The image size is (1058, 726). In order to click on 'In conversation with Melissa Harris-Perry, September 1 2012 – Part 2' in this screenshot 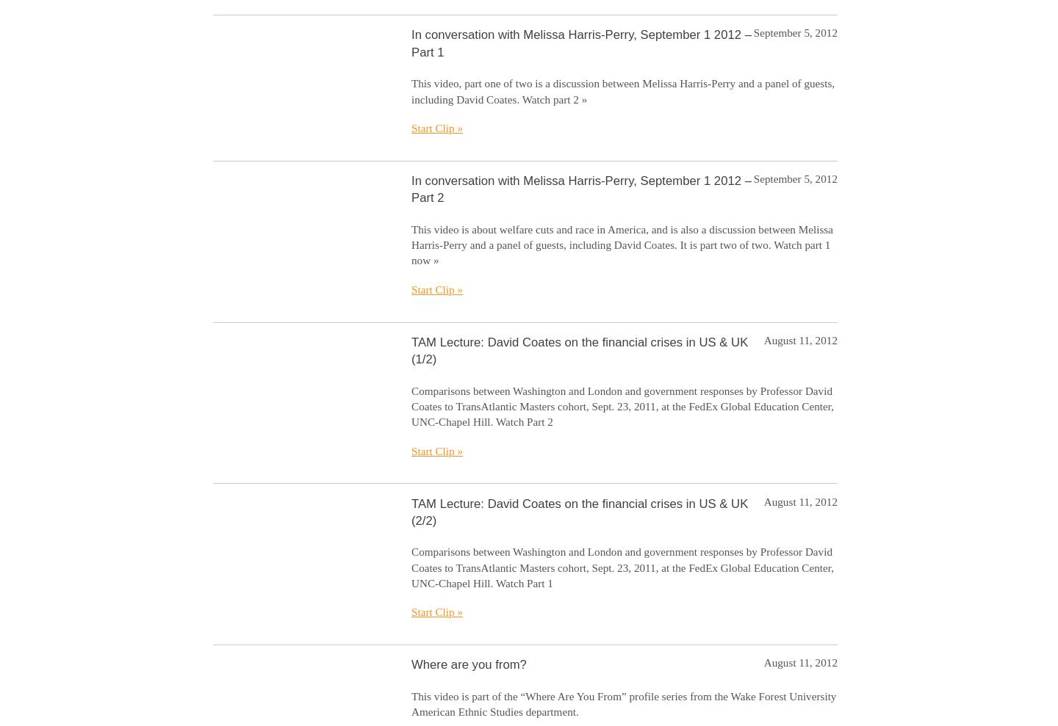, I will do `click(411, 188)`.